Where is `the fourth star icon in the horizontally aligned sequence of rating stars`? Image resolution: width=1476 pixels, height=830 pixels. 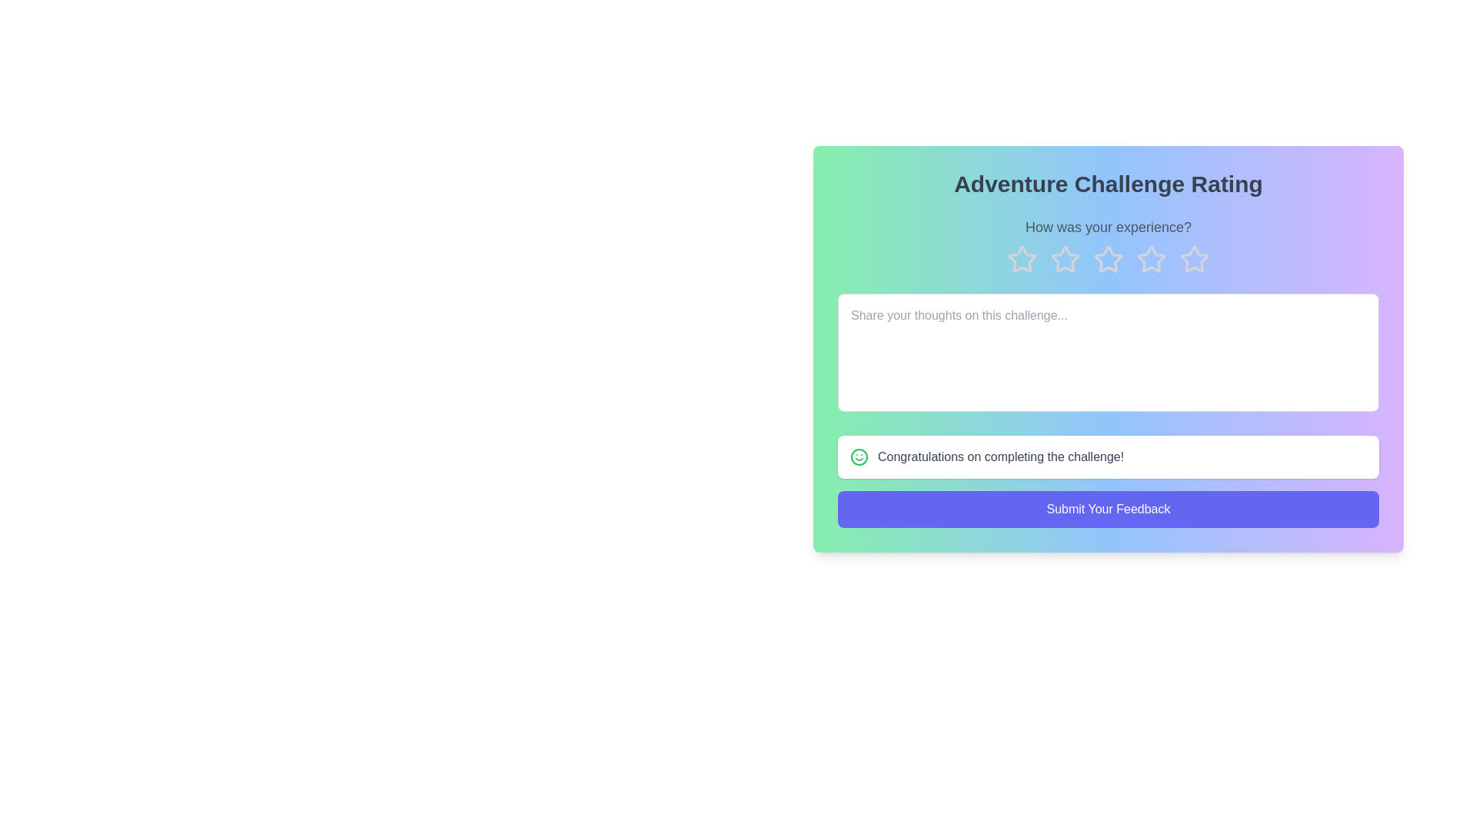 the fourth star icon in the horizontally aligned sequence of rating stars is located at coordinates (1108, 259).